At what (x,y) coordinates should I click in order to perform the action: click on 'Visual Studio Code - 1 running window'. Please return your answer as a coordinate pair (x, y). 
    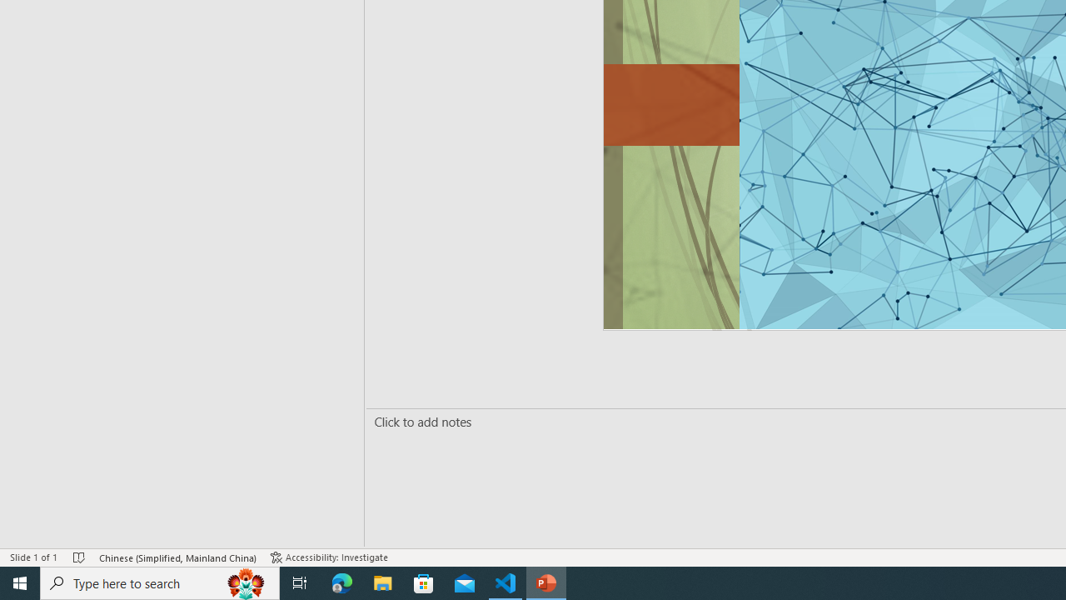
    Looking at the image, I should click on (505, 582).